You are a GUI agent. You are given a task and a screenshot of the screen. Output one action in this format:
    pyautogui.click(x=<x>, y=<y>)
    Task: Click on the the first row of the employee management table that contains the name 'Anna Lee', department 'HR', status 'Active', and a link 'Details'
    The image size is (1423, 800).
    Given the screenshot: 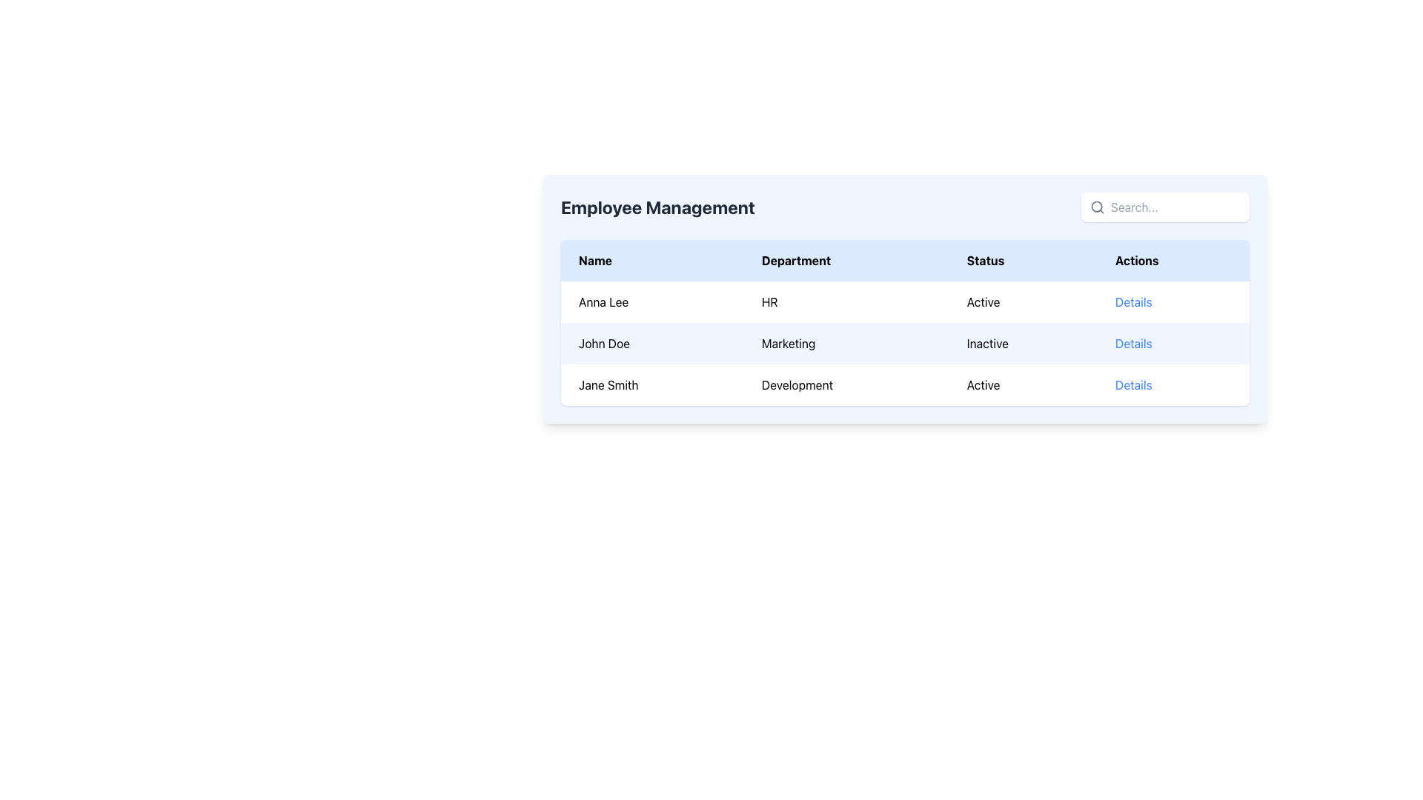 What is the action you would take?
    pyautogui.click(x=904, y=301)
    